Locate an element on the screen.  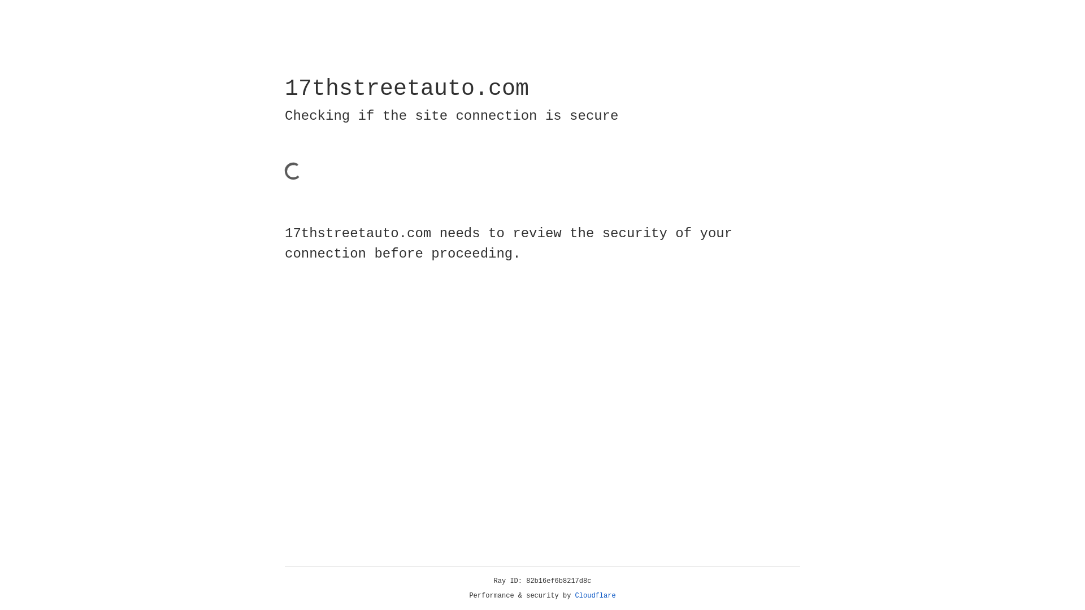
'Cloudflare' is located at coordinates (595, 595).